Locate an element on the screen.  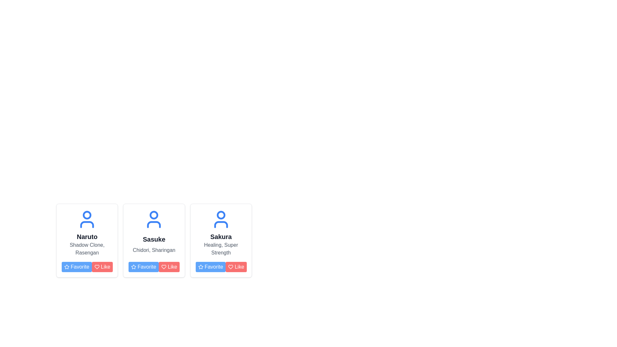
the 'Favorite' button associated with 'Sakura' is located at coordinates (210, 267).